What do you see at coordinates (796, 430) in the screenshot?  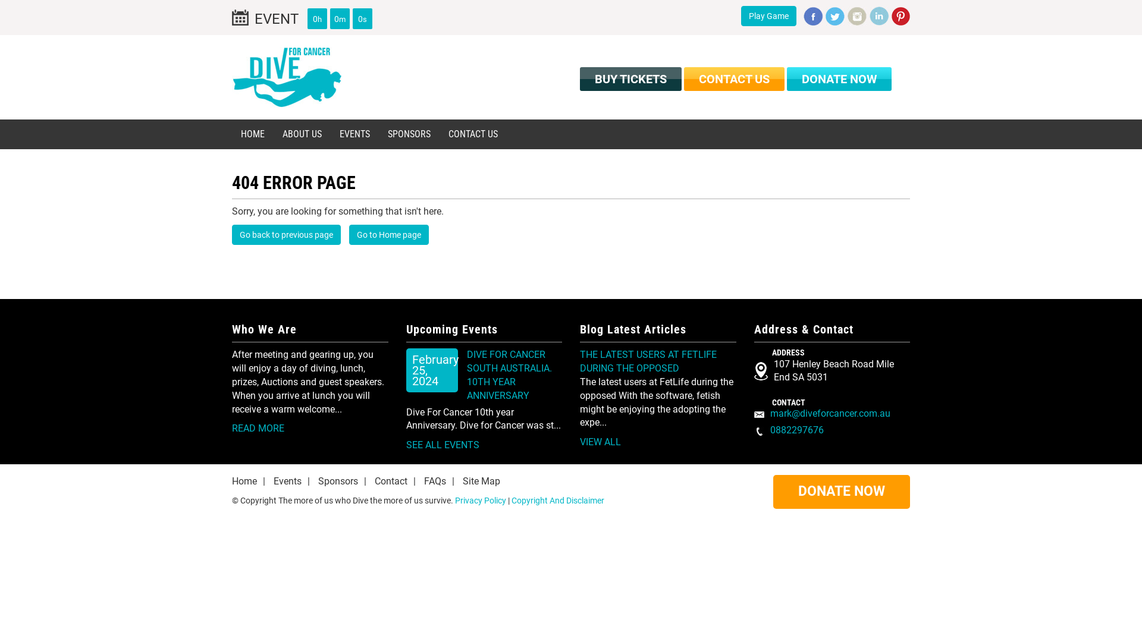 I see `'0882297676'` at bounding box center [796, 430].